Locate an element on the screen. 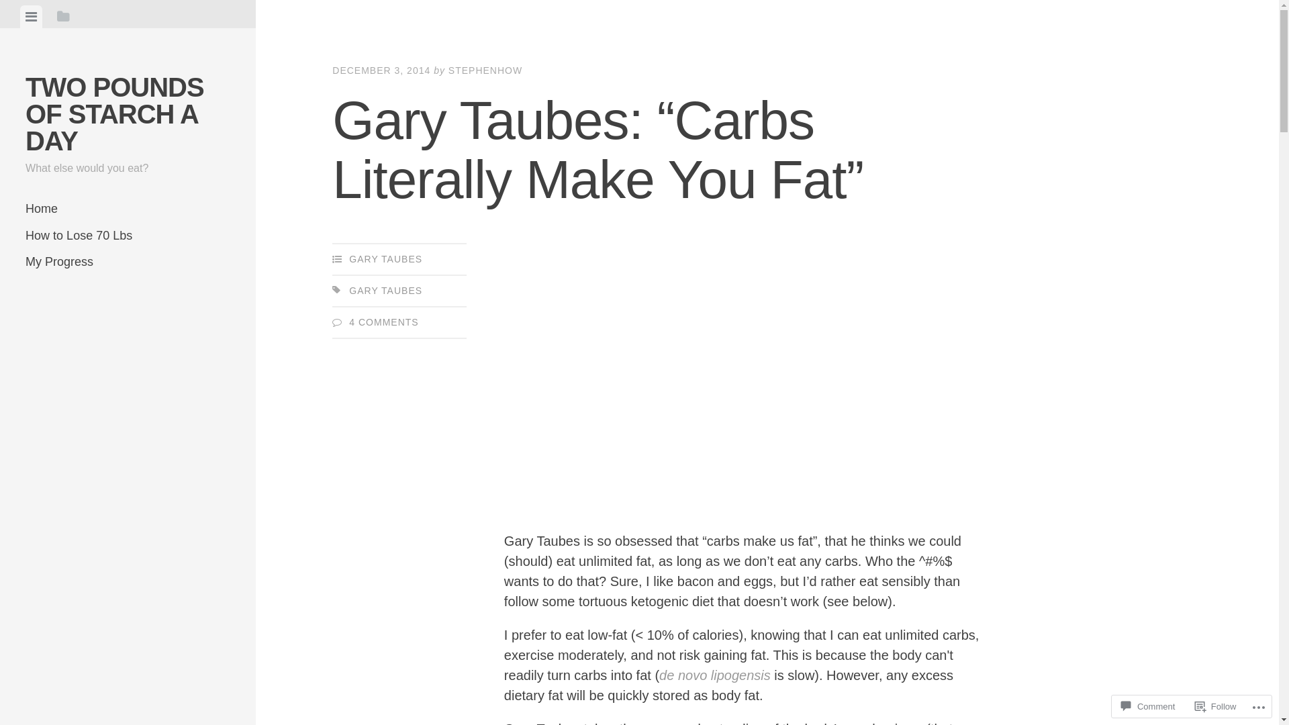 This screenshot has height=725, width=1289. 'How to Lose 70 Lbs' is located at coordinates (128, 235).